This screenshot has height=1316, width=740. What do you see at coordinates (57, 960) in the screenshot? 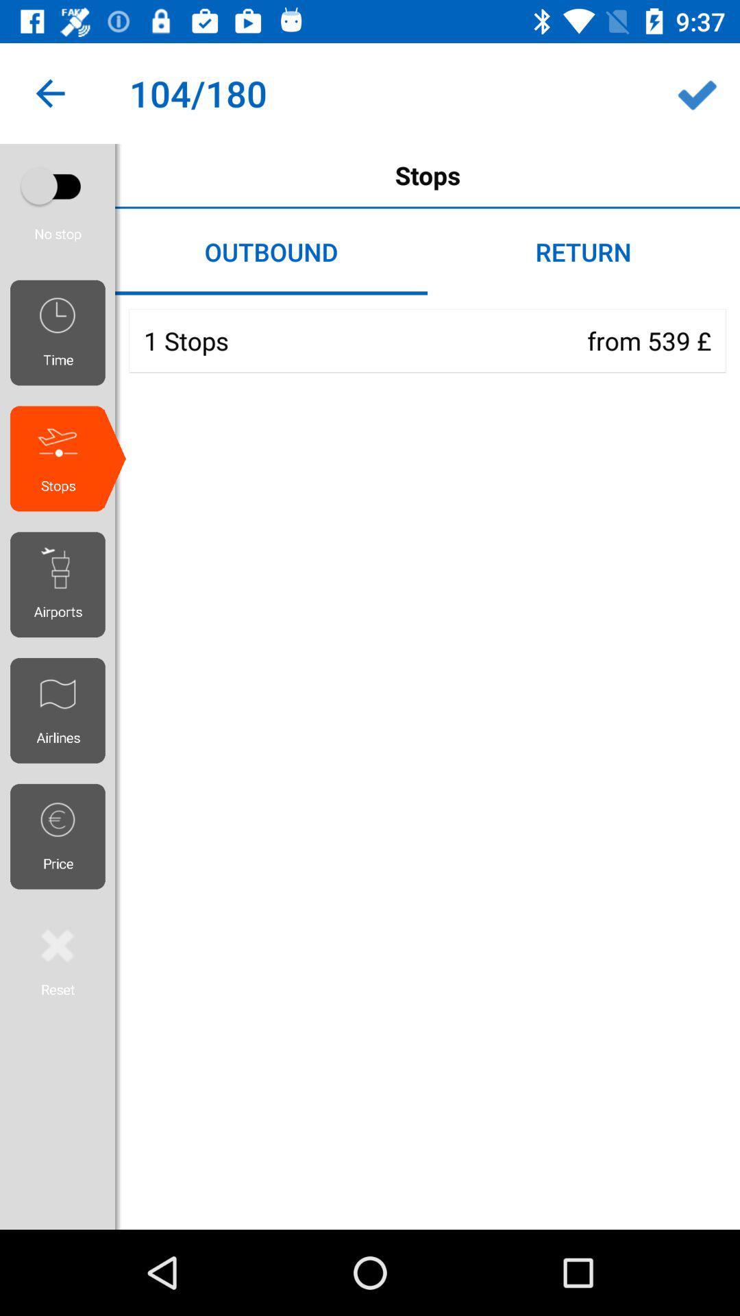
I see `this button cancels the current travel search` at bounding box center [57, 960].